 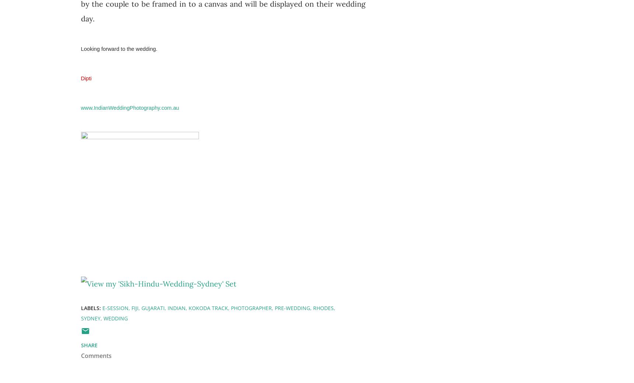 What do you see at coordinates (251, 307) in the screenshot?
I see `'Photographer'` at bounding box center [251, 307].